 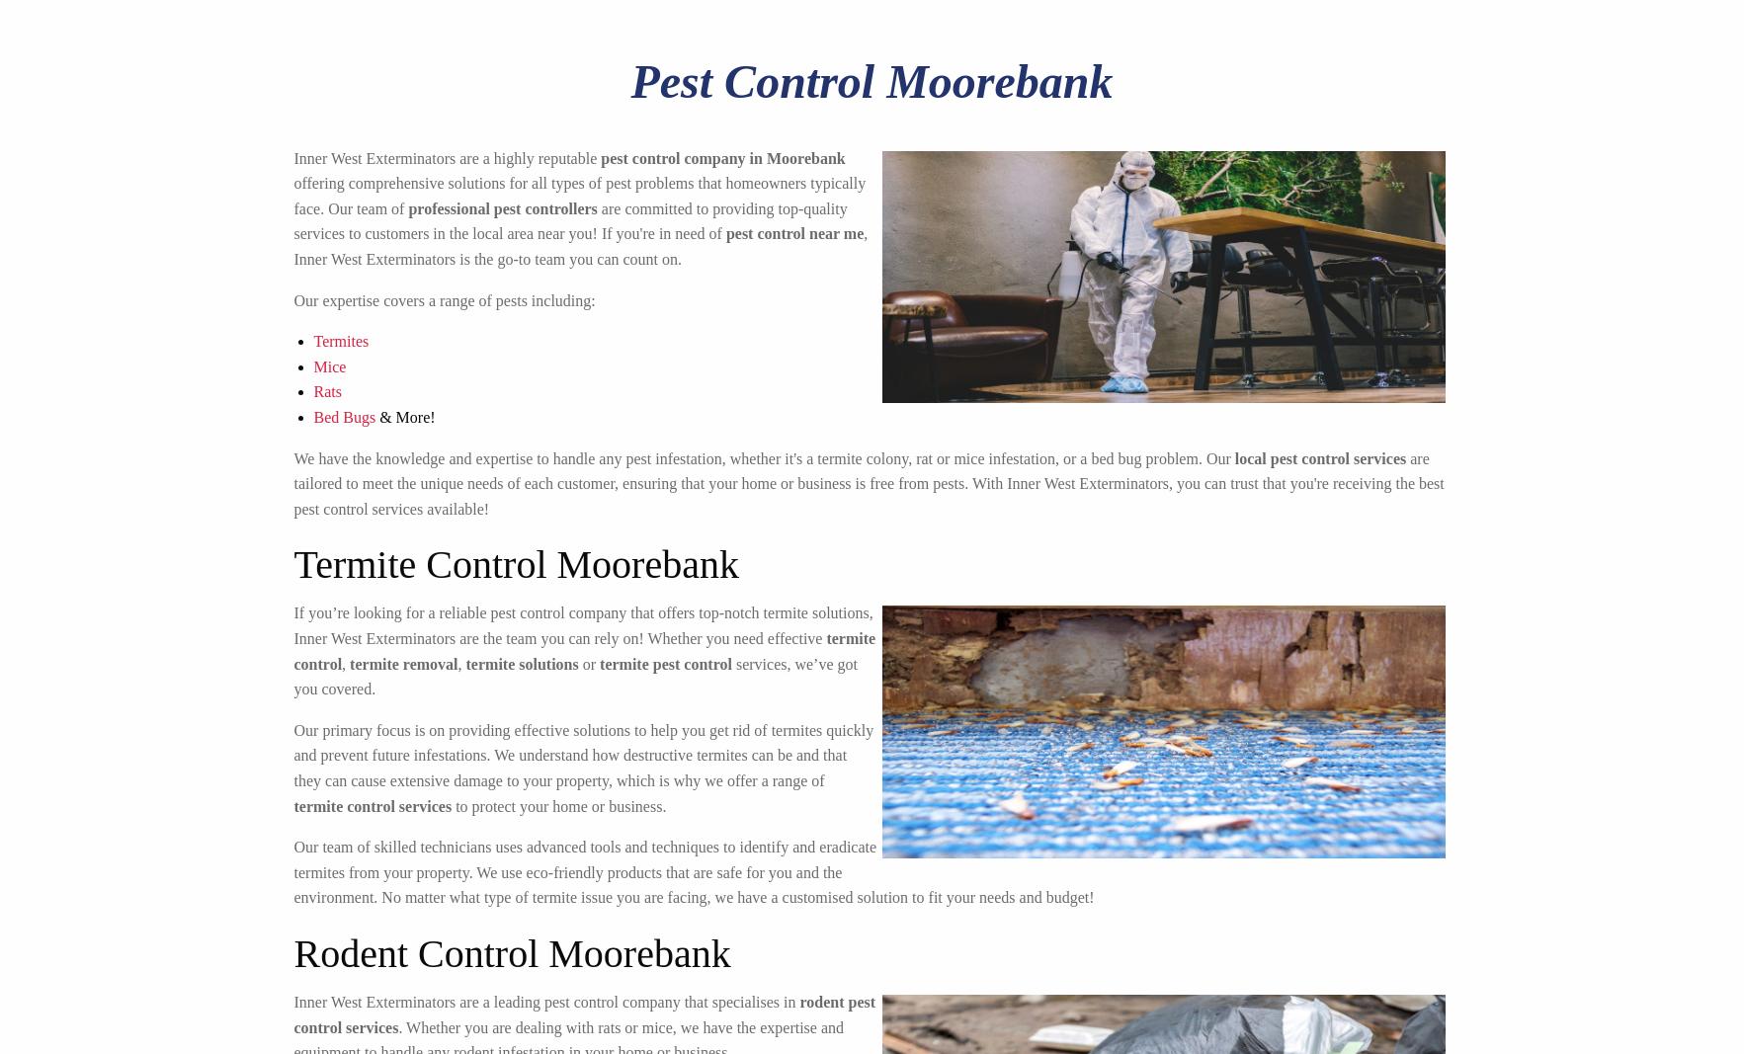 I want to click on 'are tailored to meet the unique needs of each customer, ensuring that your home or business is free from pests. With Inner West Exterminators, you can trust that you're receiving the best pest control services available!', so click(x=292, y=482).